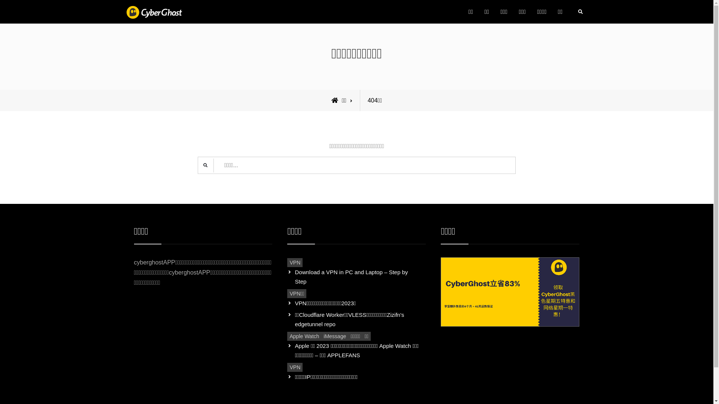 The width and height of the screenshot is (719, 404). I want to click on 'iMessage', so click(334, 336).